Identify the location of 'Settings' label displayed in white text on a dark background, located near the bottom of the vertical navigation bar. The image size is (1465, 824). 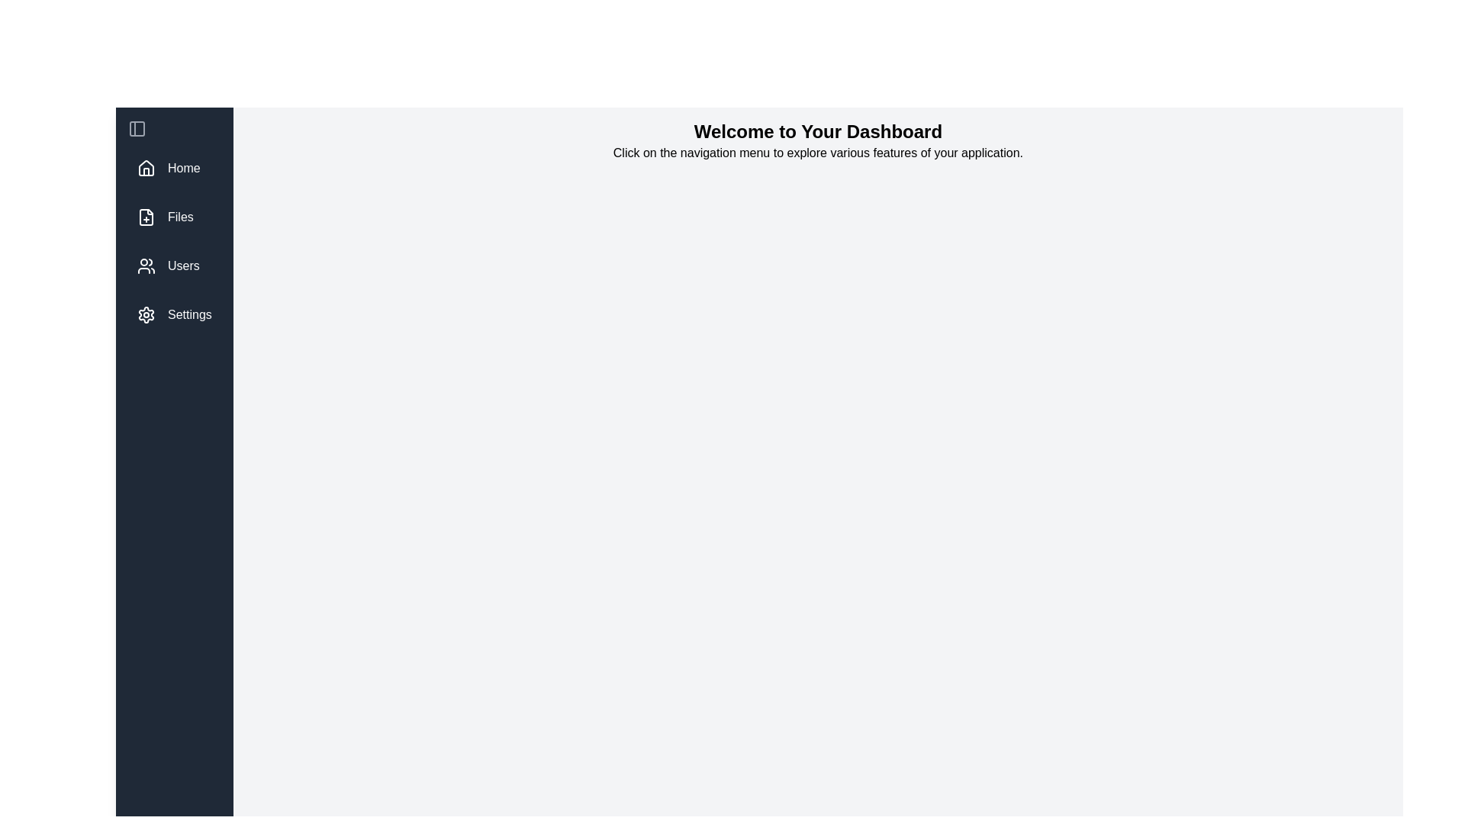
(188, 314).